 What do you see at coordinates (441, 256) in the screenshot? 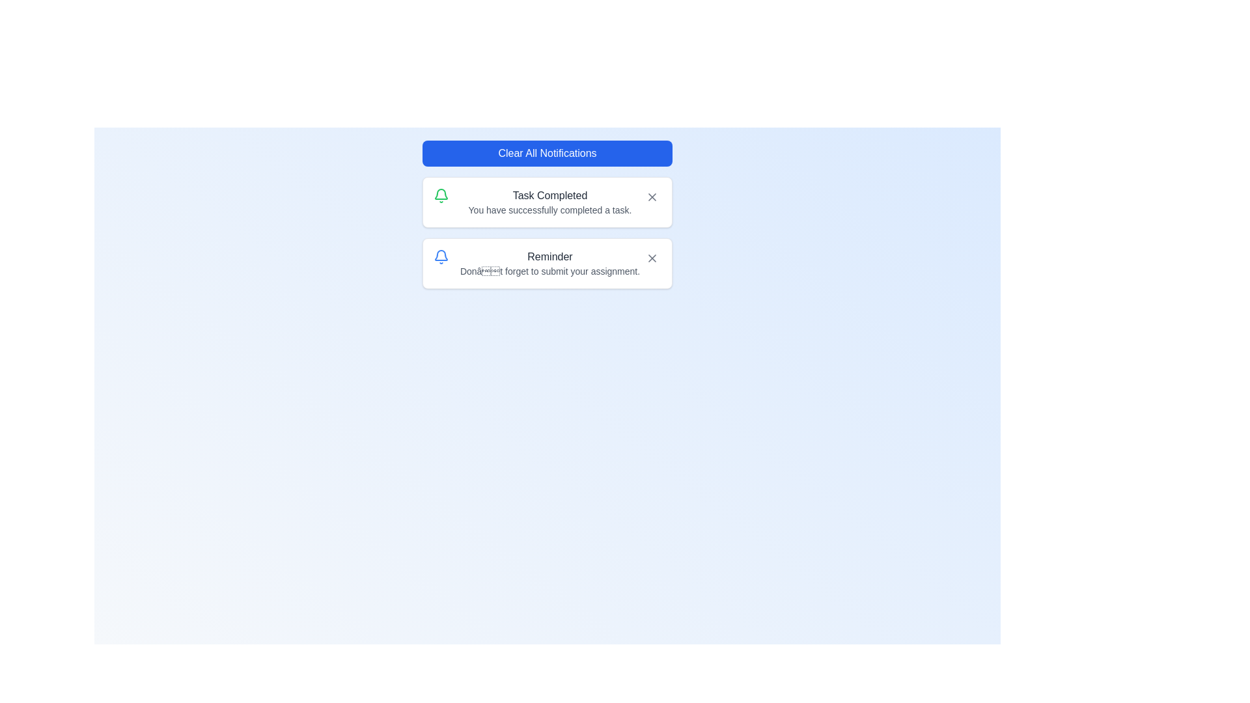
I see `the reminder notification icon located inside the notification box titled 'Reminder', which is the second item in the list of notifications` at bounding box center [441, 256].